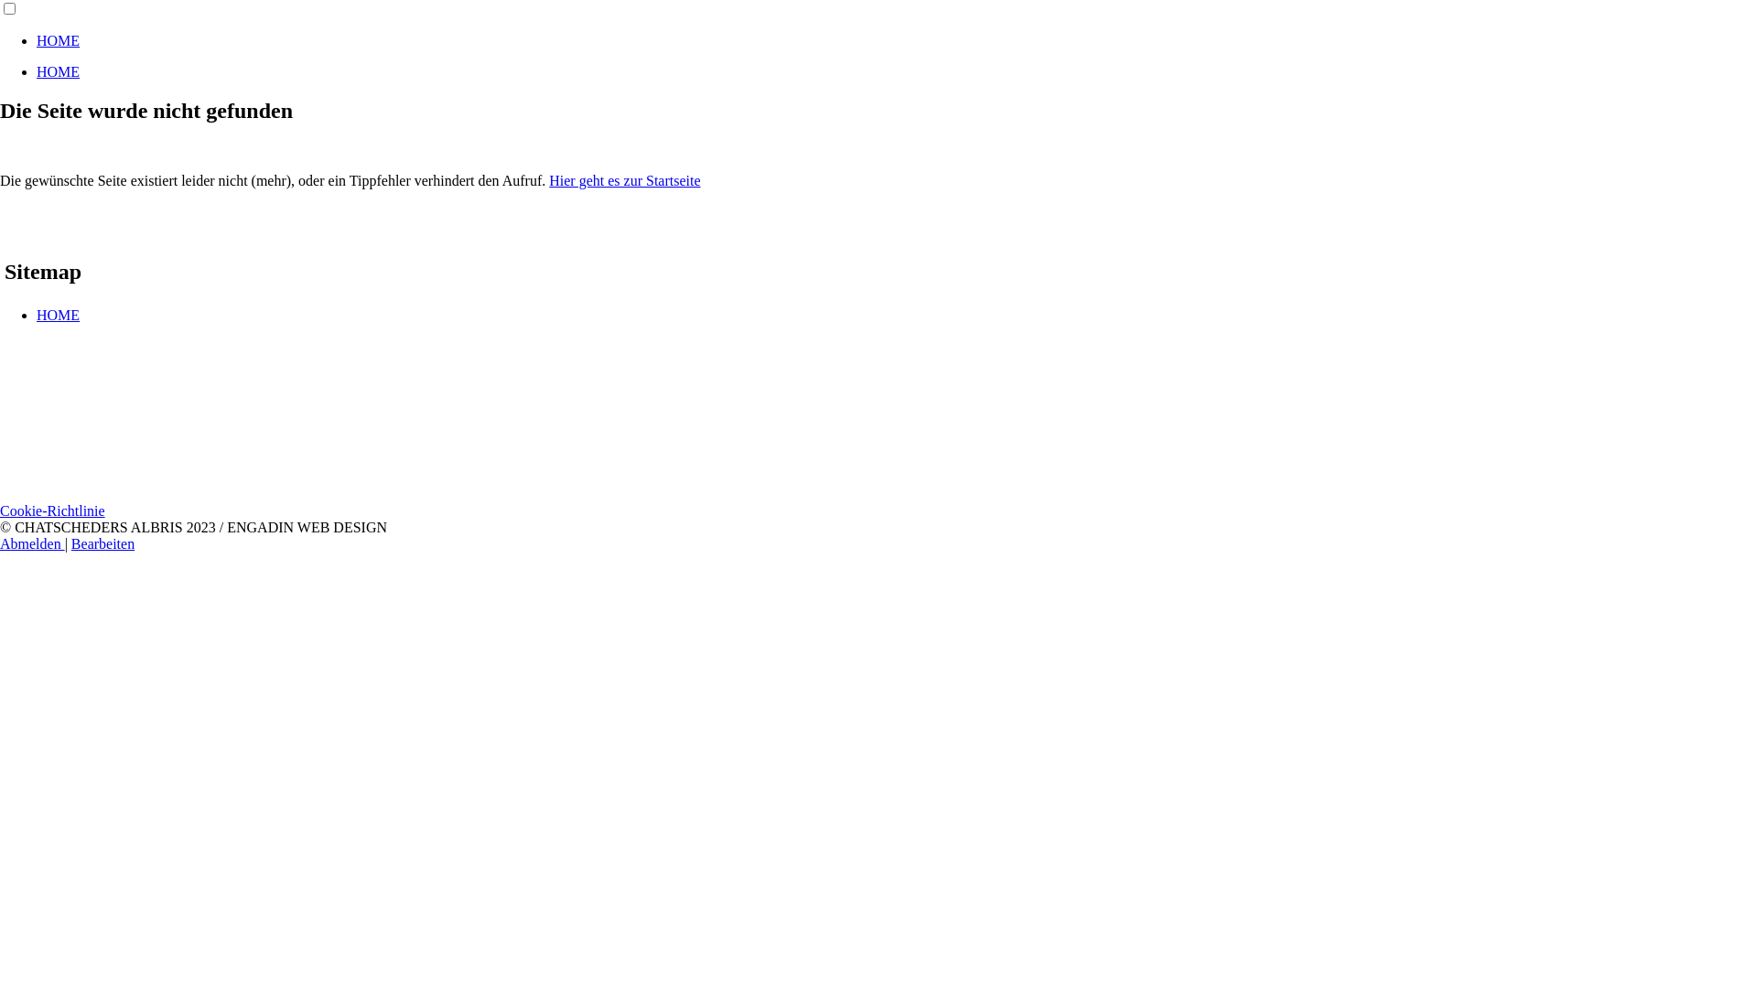  Describe the element at coordinates (58, 314) in the screenshot. I see `'HOME'` at that location.